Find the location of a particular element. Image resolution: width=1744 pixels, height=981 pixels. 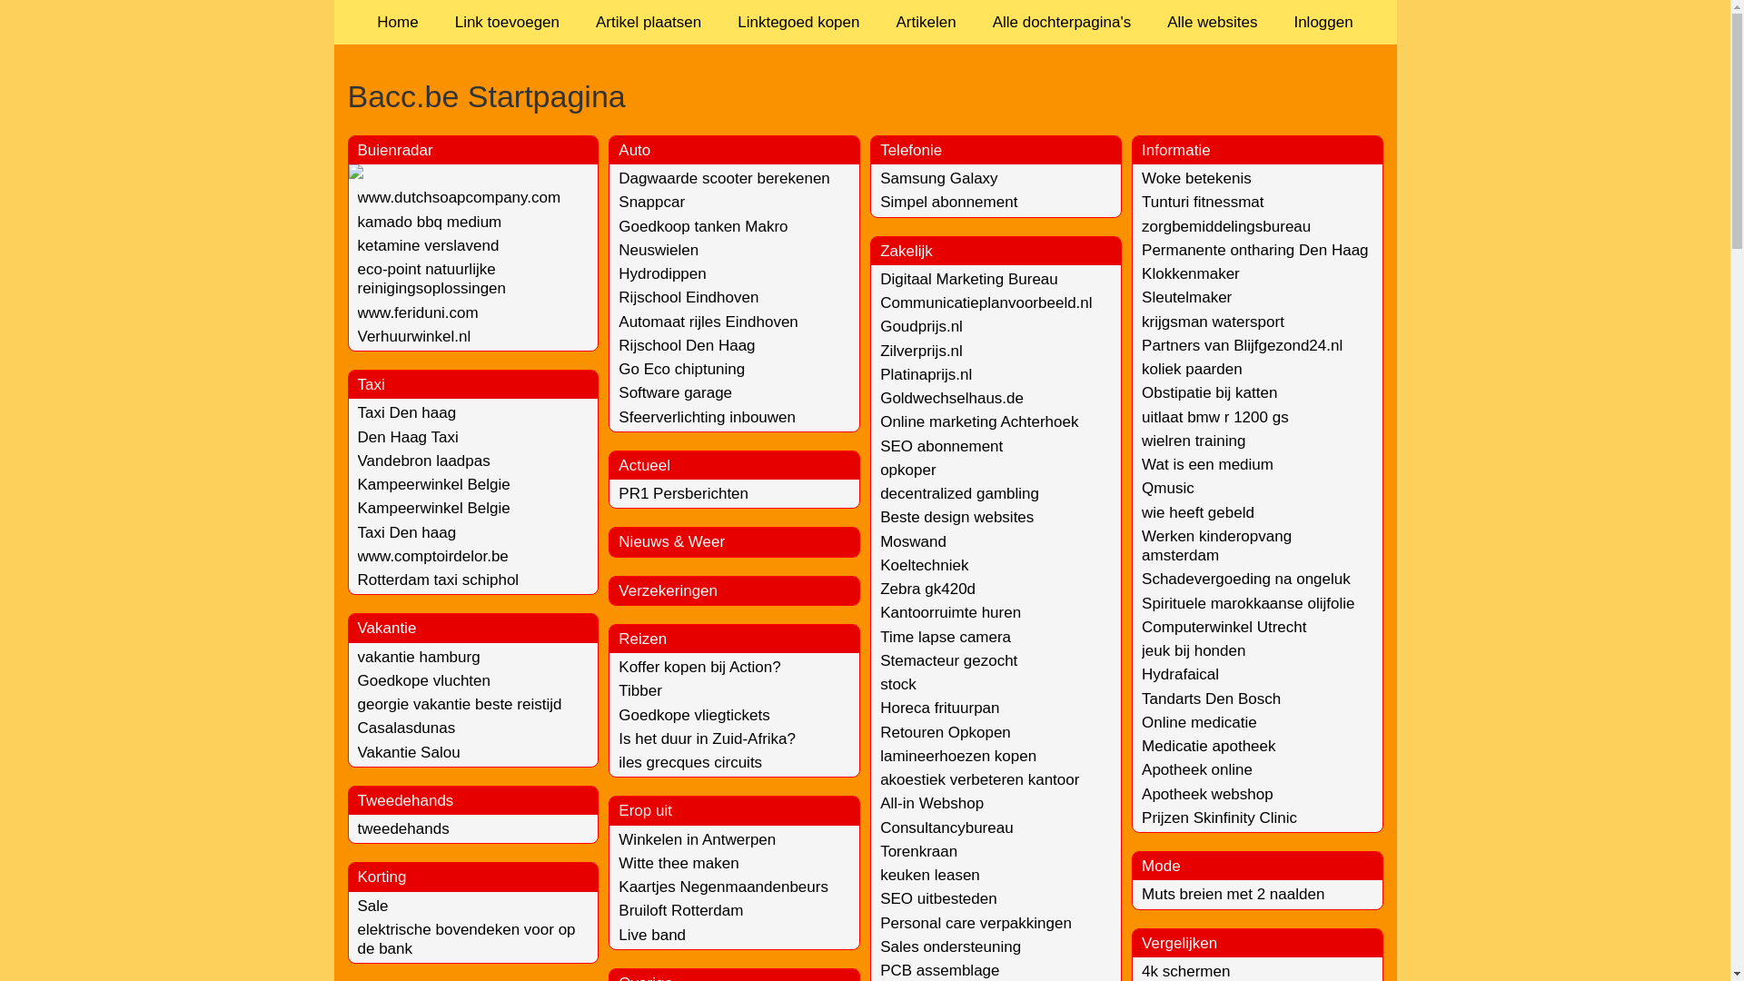

'eco-point natuurlijke reinigingsoplossingen' is located at coordinates (431, 279).